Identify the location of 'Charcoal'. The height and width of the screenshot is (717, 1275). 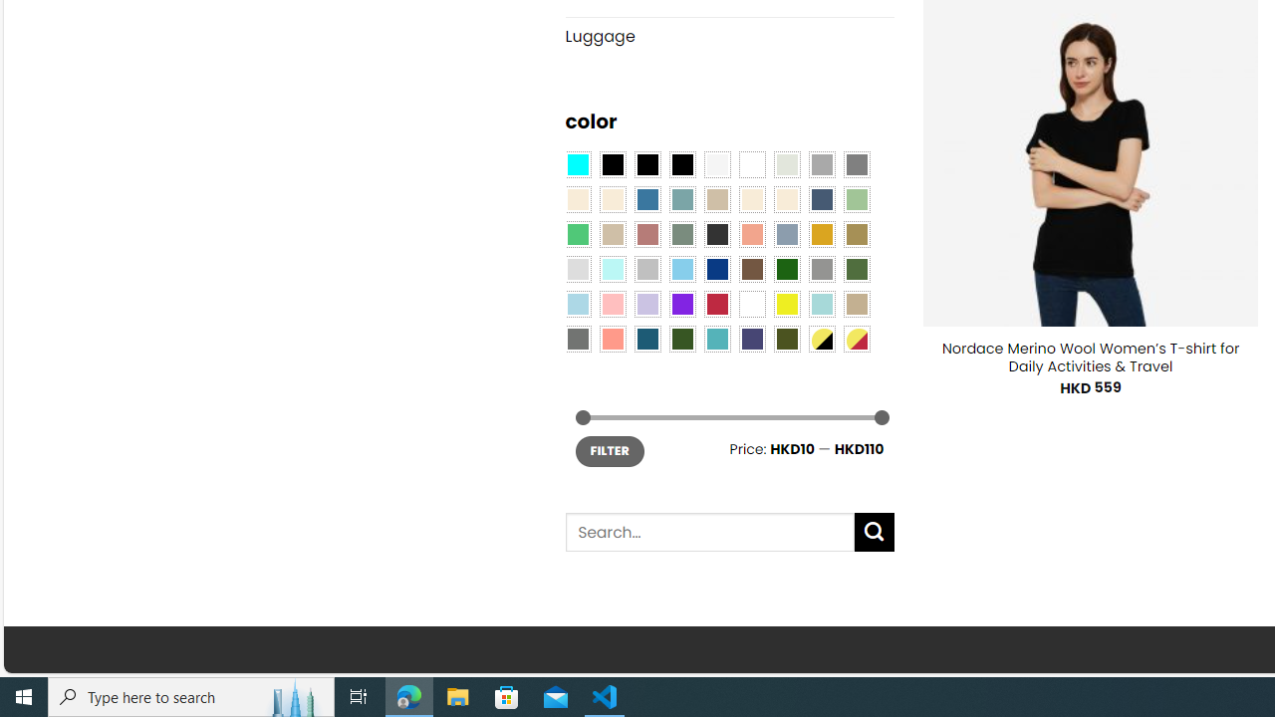
(717, 232).